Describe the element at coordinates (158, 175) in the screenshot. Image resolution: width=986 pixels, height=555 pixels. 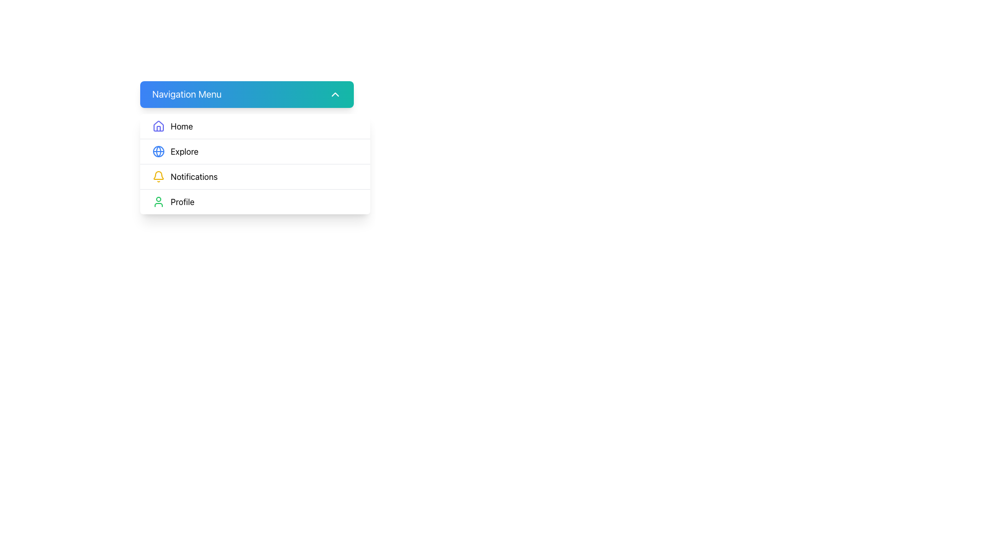
I see `the bell-shaped vector graphic within the notification icon, located under the 'Notifications' label in the vertical navigation menu` at that location.